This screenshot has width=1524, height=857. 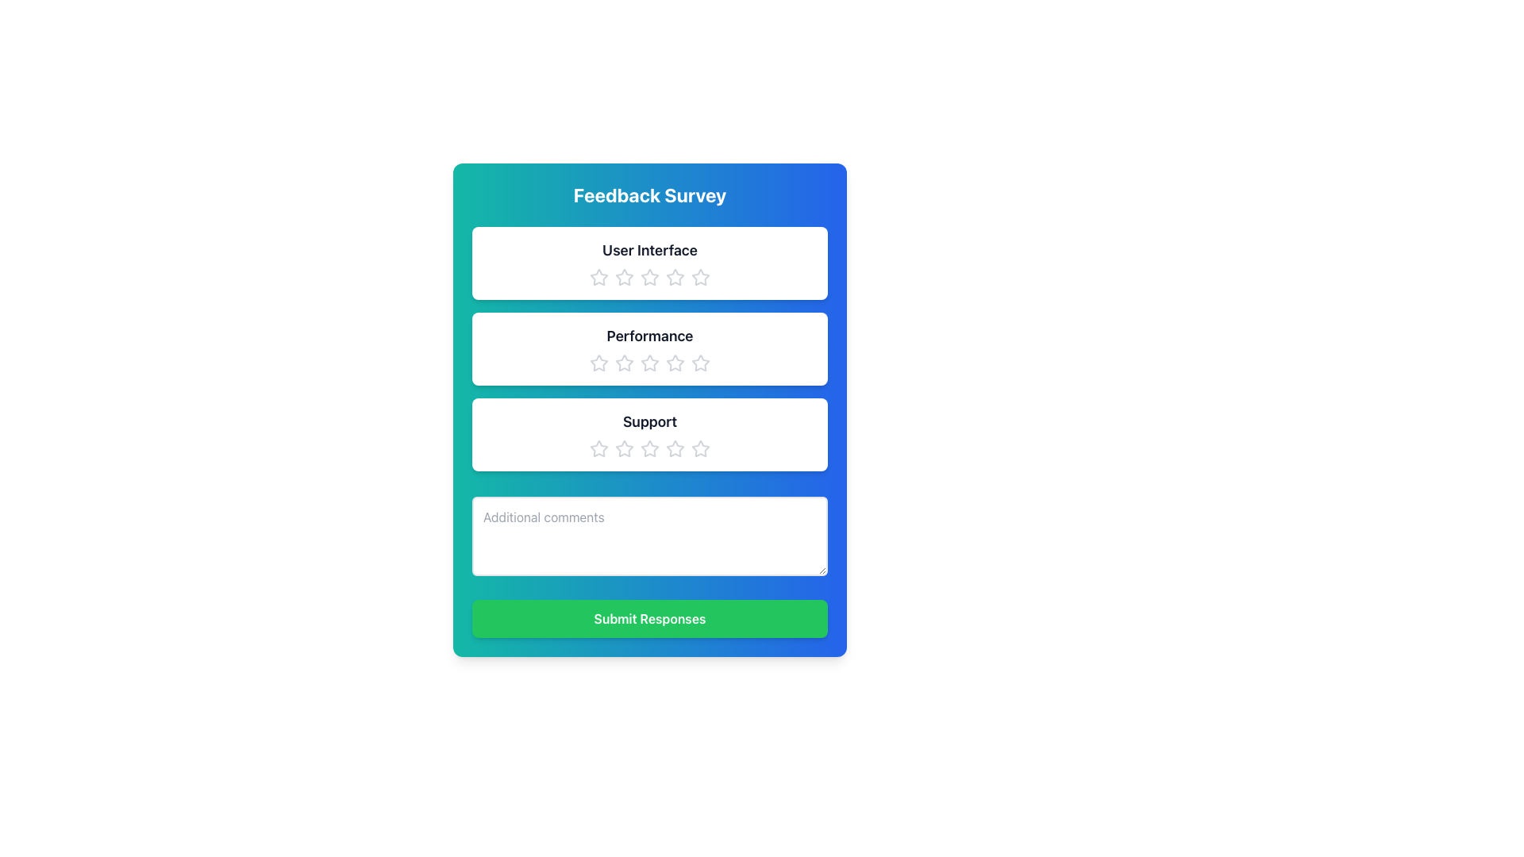 What do you see at coordinates (650, 363) in the screenshot?
I see `the second star icon from the left in the row of stars for the 'Performance' rating to navigate through the keyboard` at bounding box center [650, 363].